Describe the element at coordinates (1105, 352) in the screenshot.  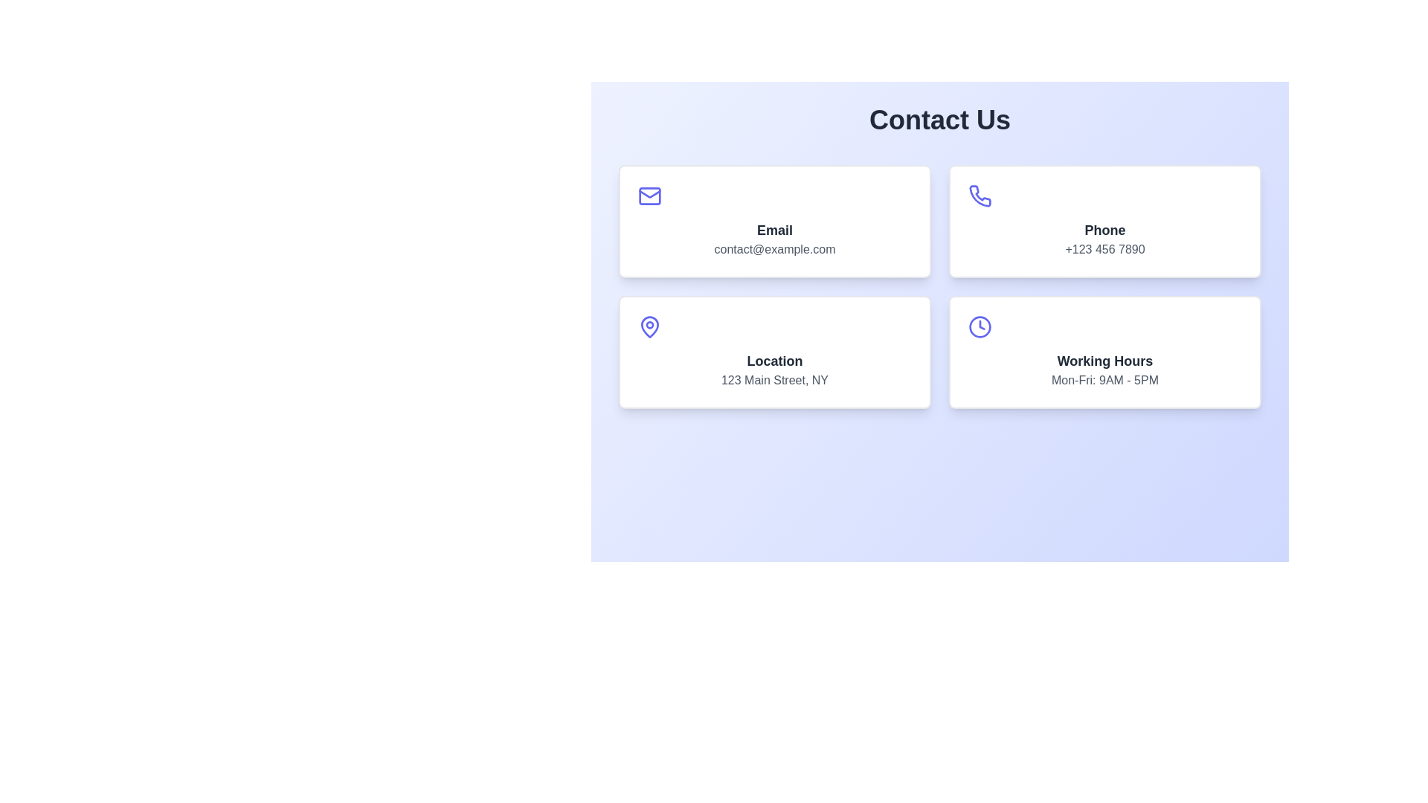
I see `information displayed on the card element with the text 'Working Hours' and the details 'Mon-Fri: 9AM - 5PM', which is located in the bottom-right position of the four-card grid layout` at that location.